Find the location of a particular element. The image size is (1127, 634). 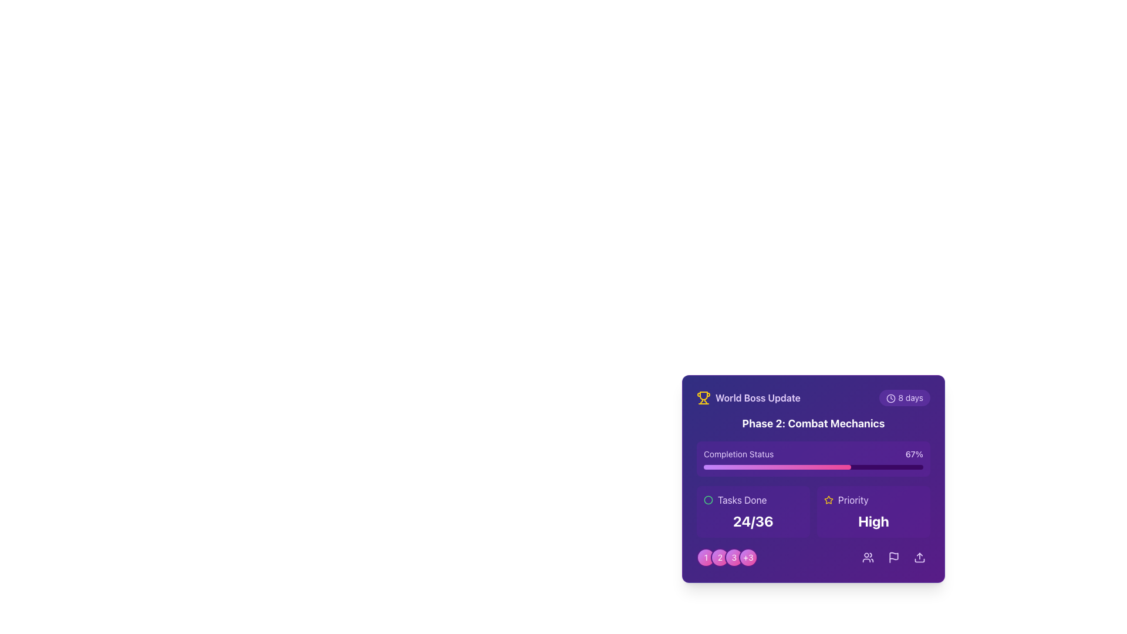

the main body of the trophy icon, which is a golden, cup-like shape located to the left of the 'World Boss Update' text in the upper-left corner of the card labeled 'Phase 2: Combat Mechanics' is located at coordinates (704, 396).